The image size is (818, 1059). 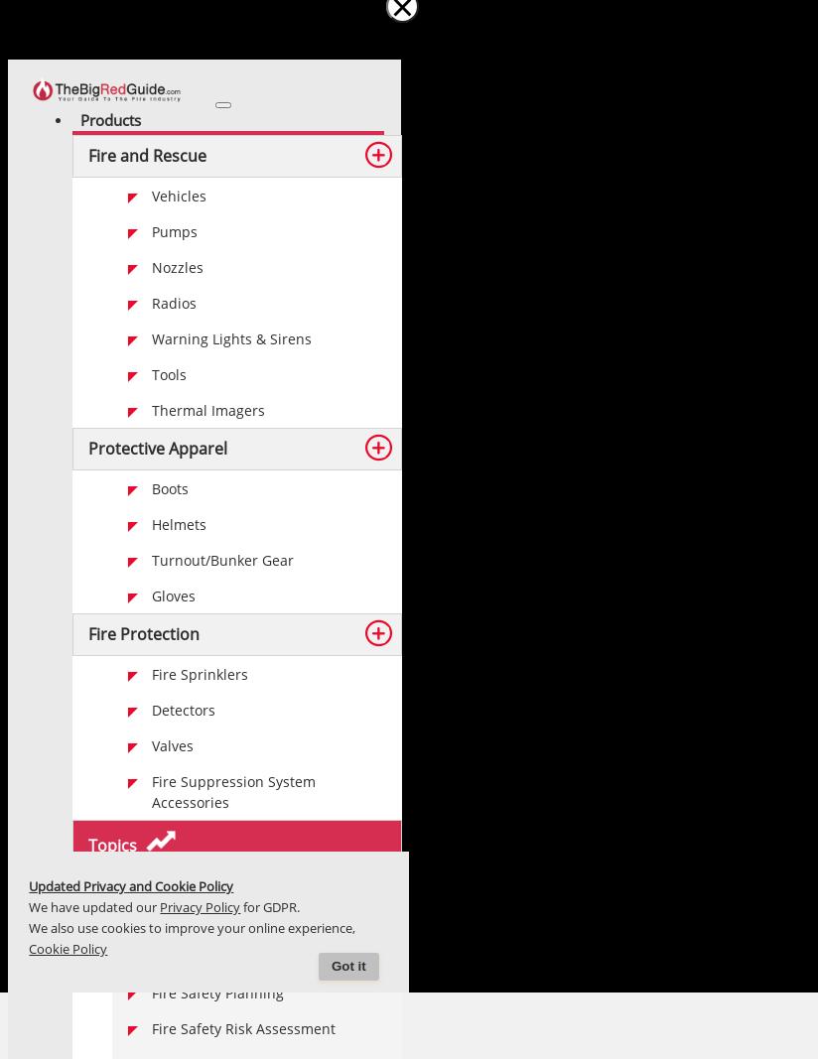 I want to click on 'Boots', so click(x=169, y=487).